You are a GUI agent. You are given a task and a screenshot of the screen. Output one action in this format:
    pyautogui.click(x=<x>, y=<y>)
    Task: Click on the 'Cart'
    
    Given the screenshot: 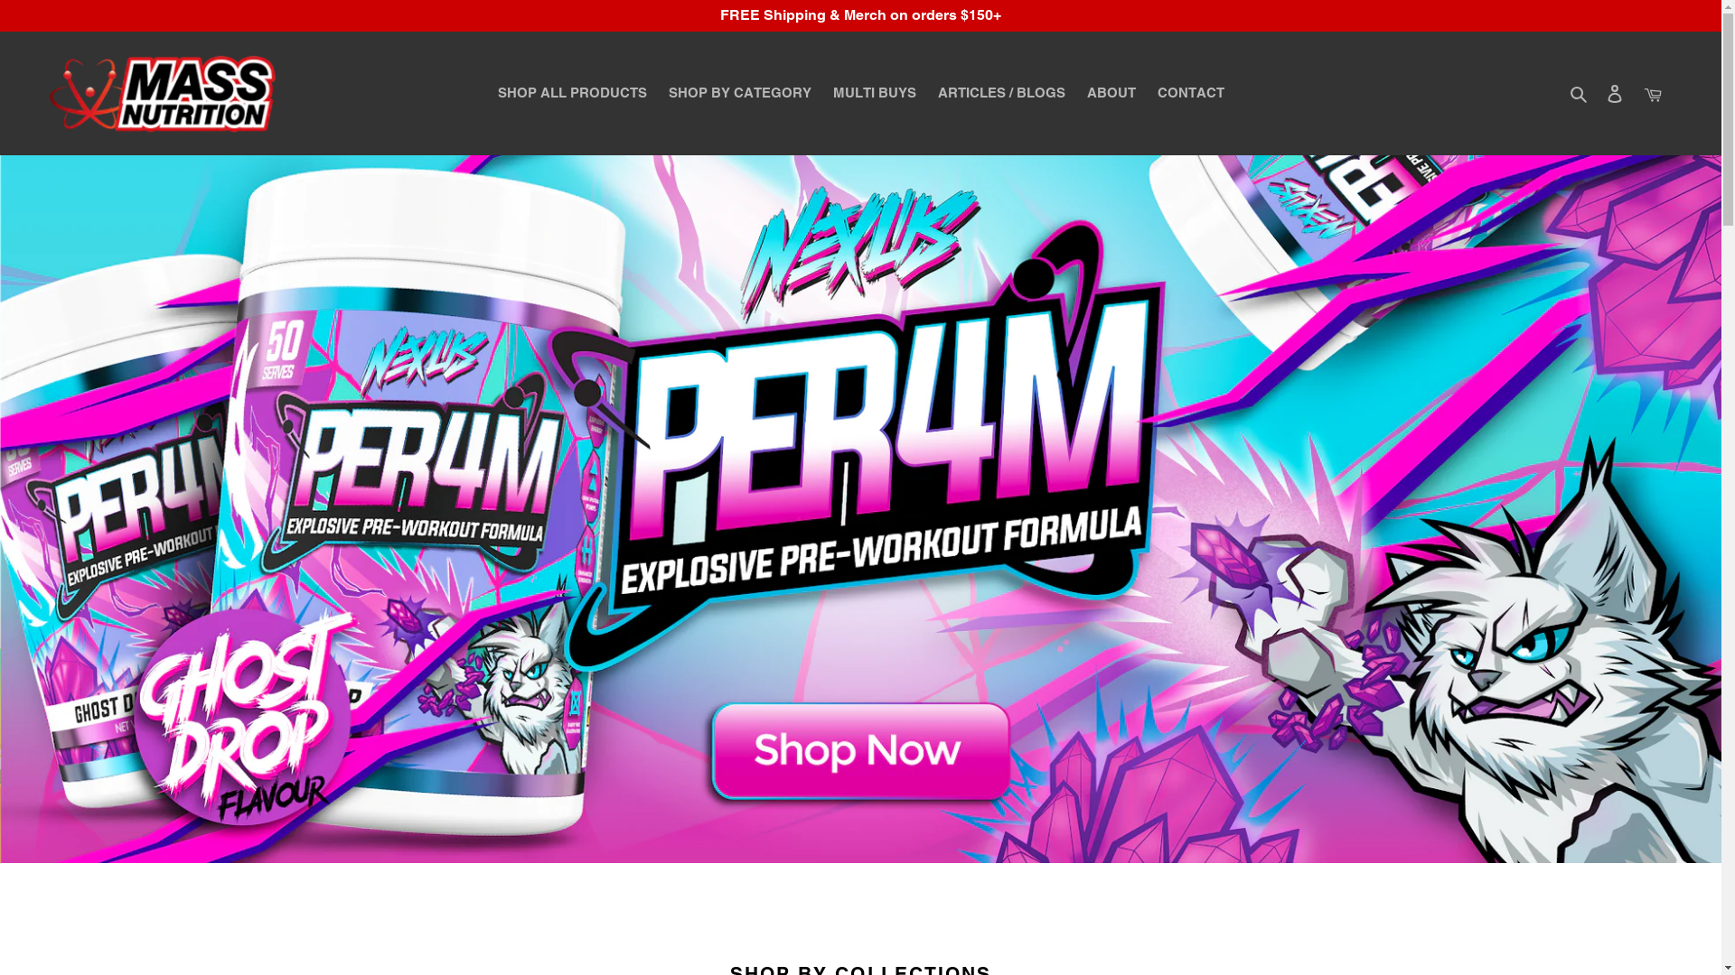 What is the action you would take?
    pyautogui.click(x=1652, y=93)
    